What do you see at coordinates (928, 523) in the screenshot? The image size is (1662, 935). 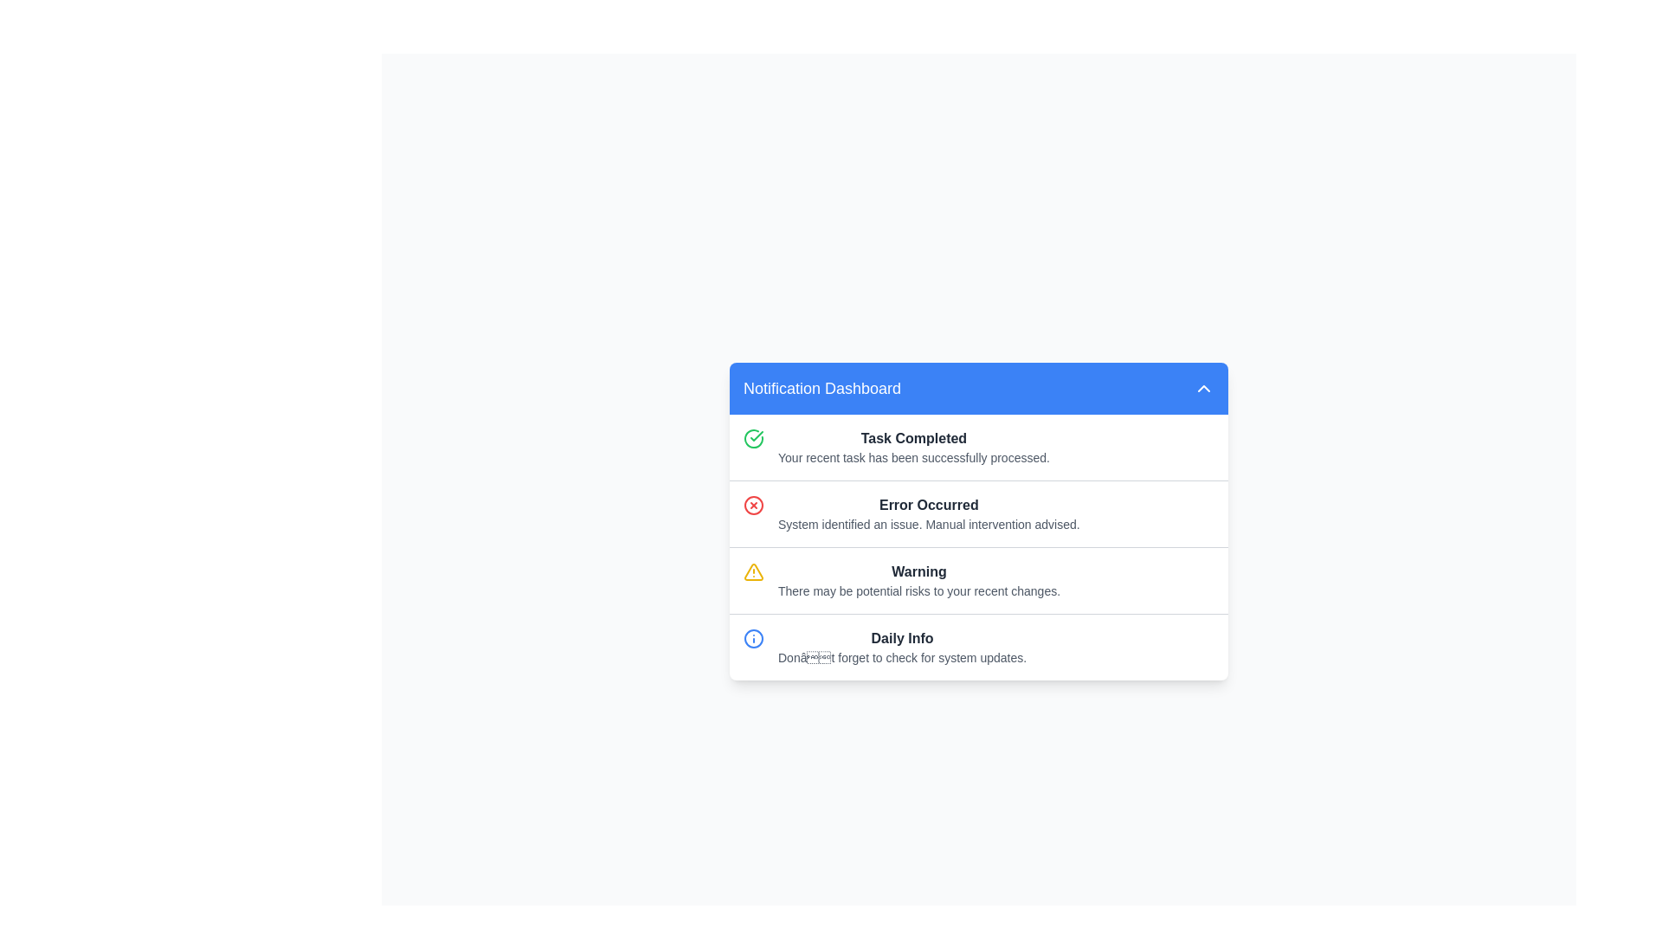 I see `the text component displaying the message 'System identified an issue. Manual intervention advised.' which is located below the 'Error Occurred' heading in the 'Notification Dashboard' section` at bounding box center [928, 523].